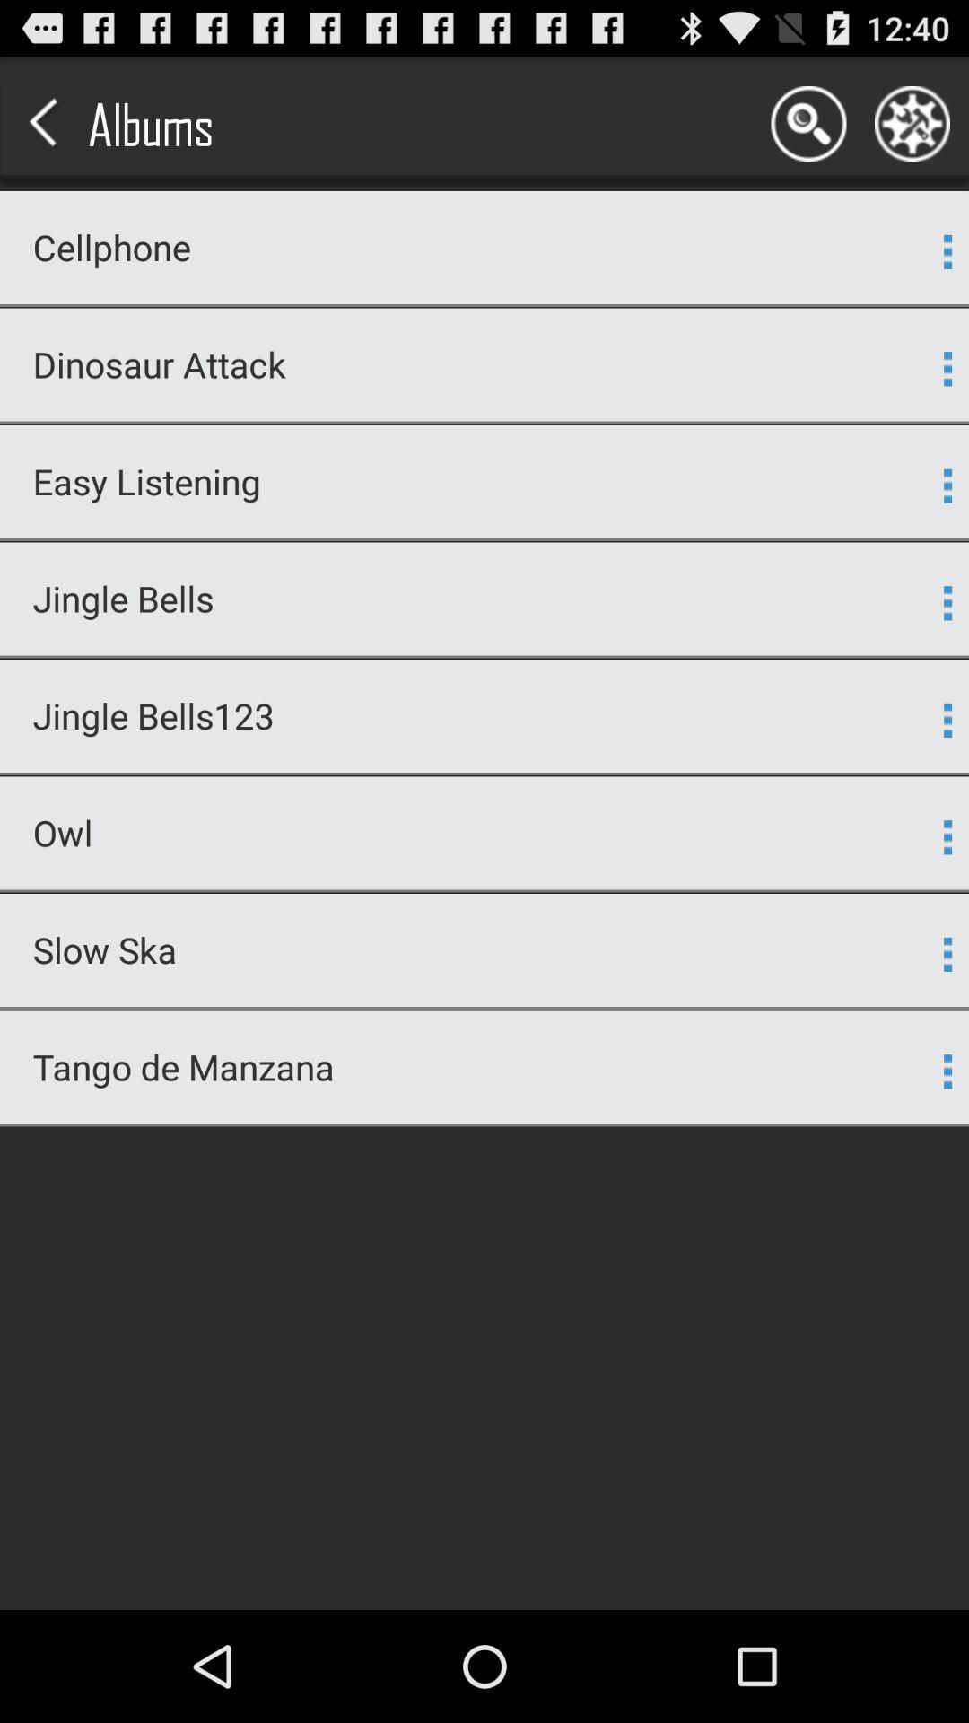 This screenshot has width=969, height=1723. Describe the element at coordinates (473, 599) in the screenshot. I see `jingle bells app` at that location.